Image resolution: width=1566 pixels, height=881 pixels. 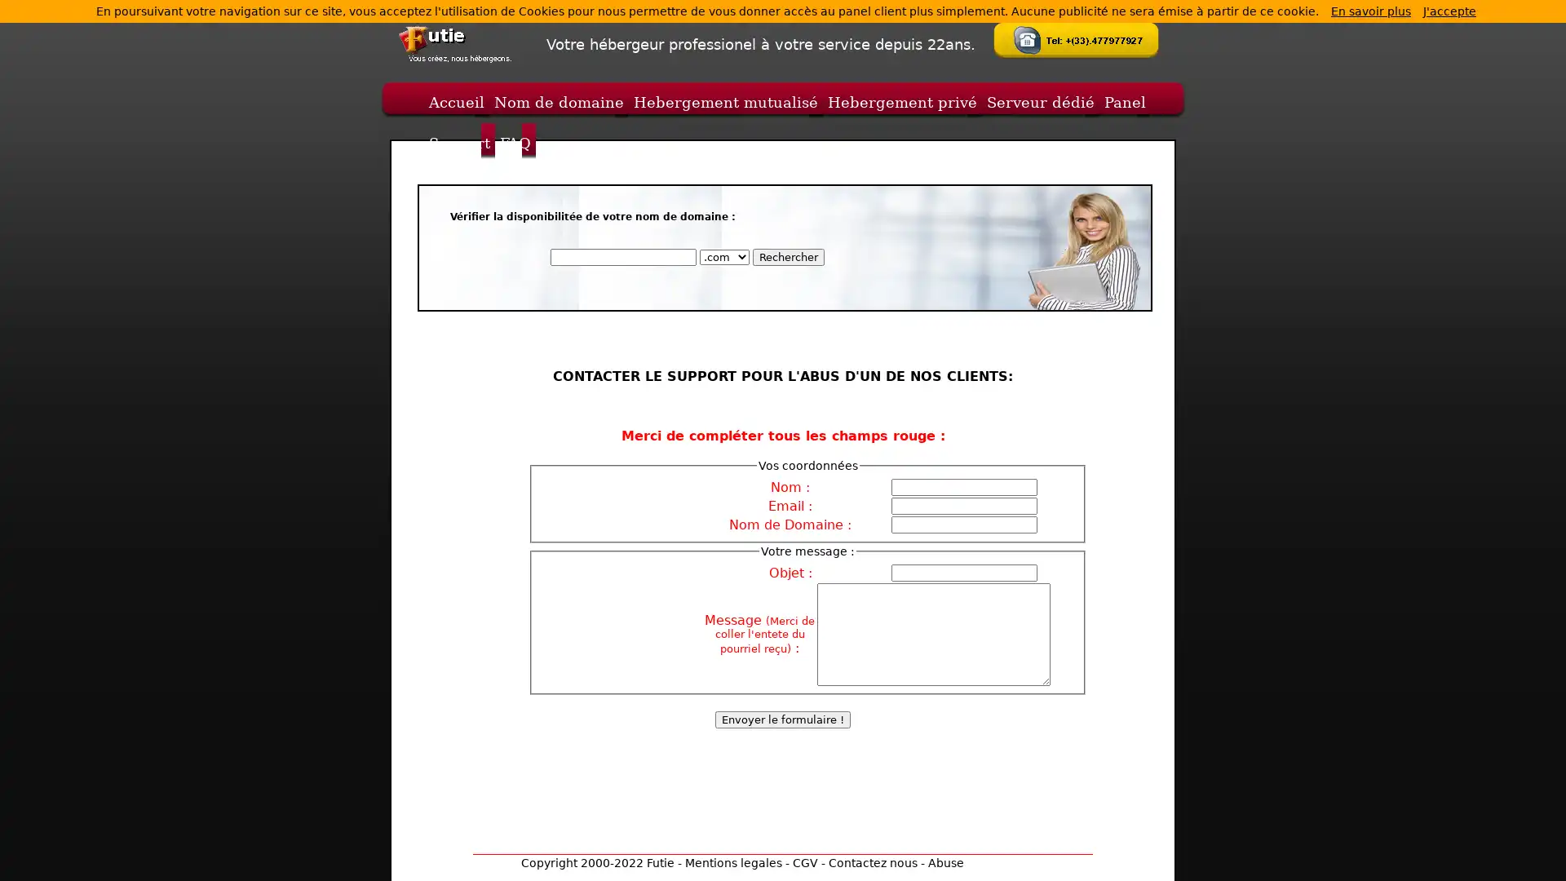 I want to click on Rechercher, so click(x=787, y=257).